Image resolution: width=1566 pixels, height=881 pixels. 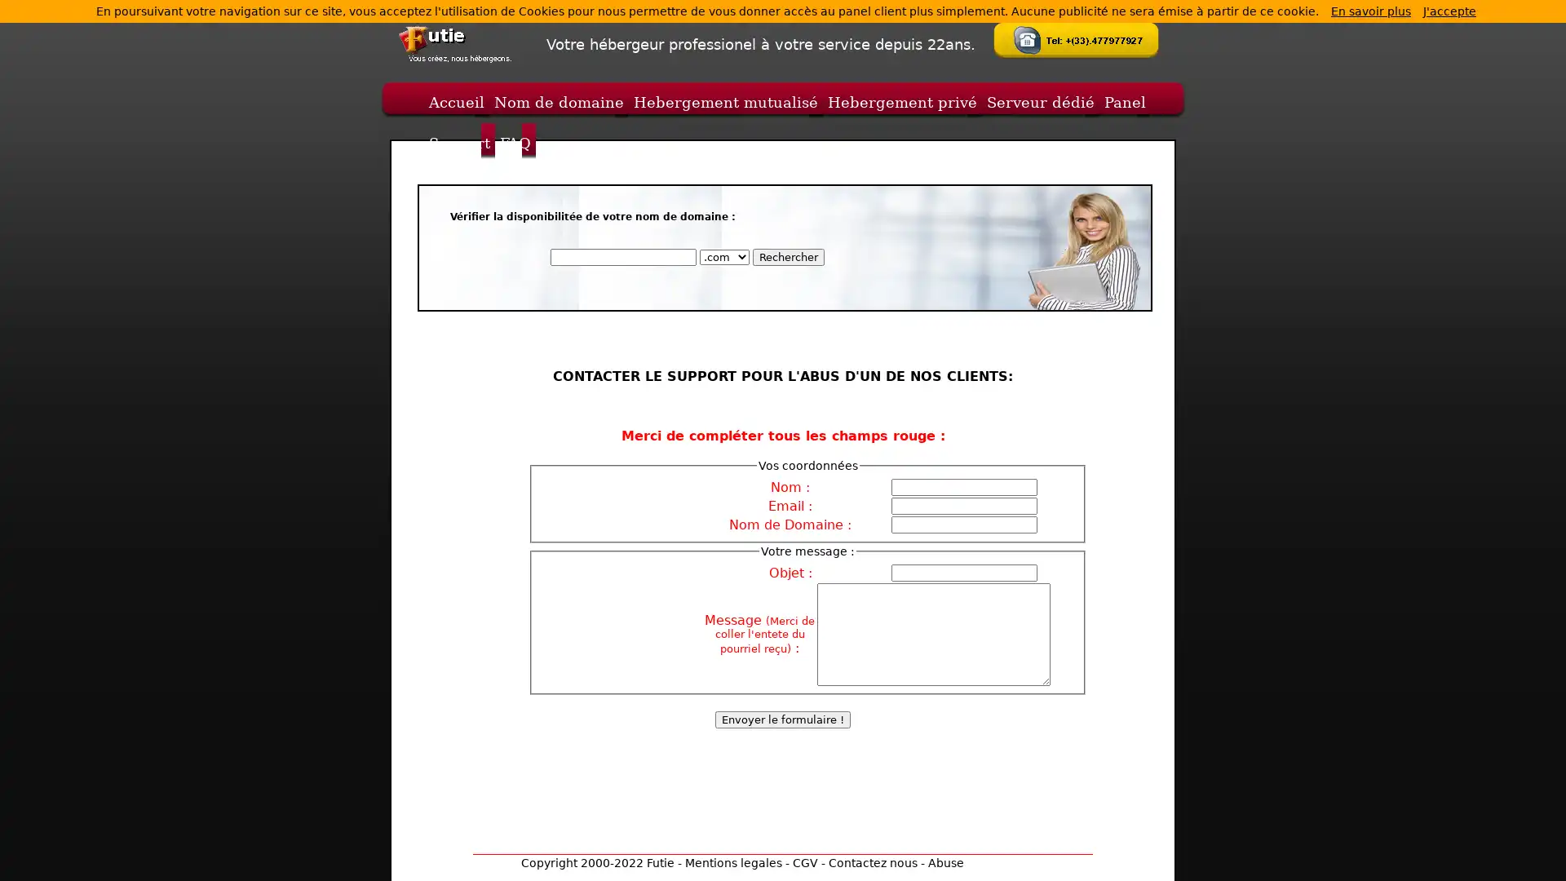 I want to click on Rechercher, so click(x=787, y=257).